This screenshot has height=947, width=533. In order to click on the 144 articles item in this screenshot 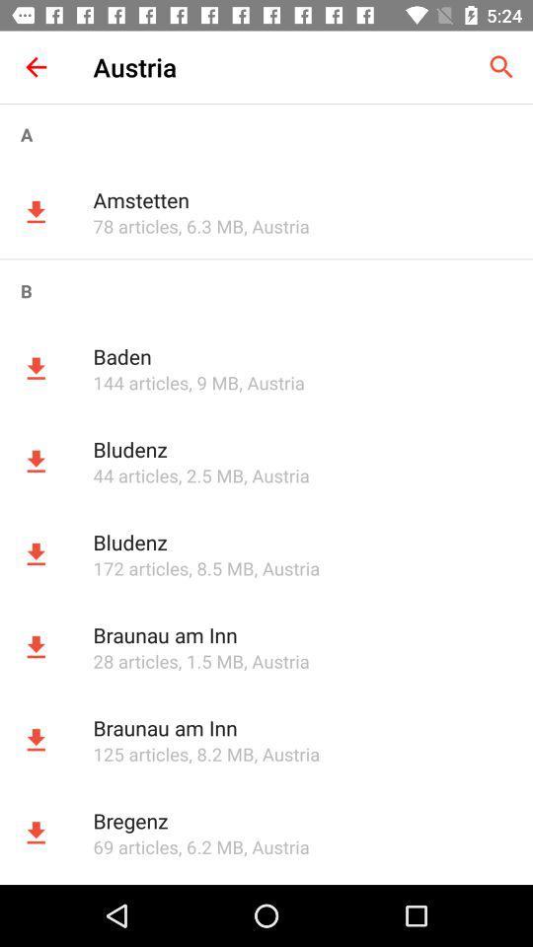, I will do `click(139, 382)`.